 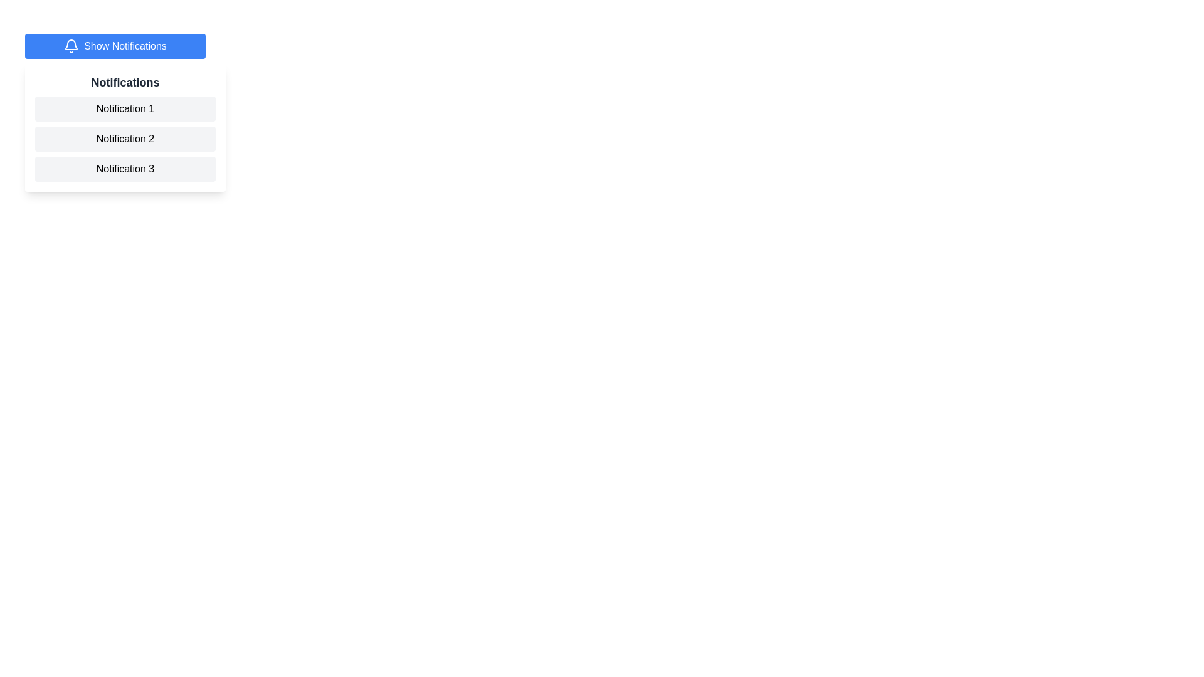 I want to click on the first notification in the list of notifications directly below the title 'Notifications', so click(x=125, y=108).